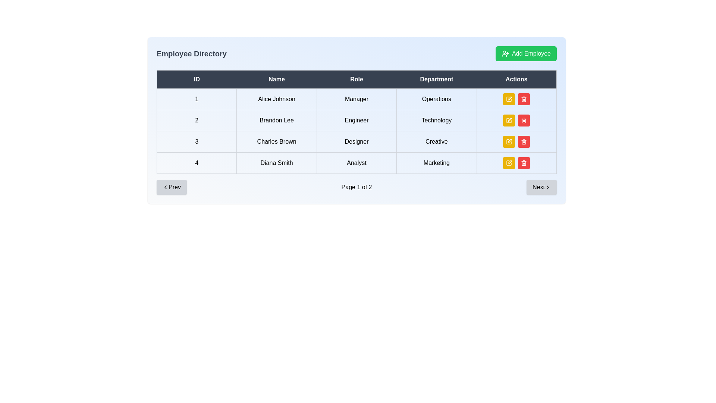 Image resolution: width=716 pixels, height=403 pixels. I want to click on the header label for the 'Role' column, which is the third entry in the table header located between the 'Name' and 'Department' columns, so click(356, 79).